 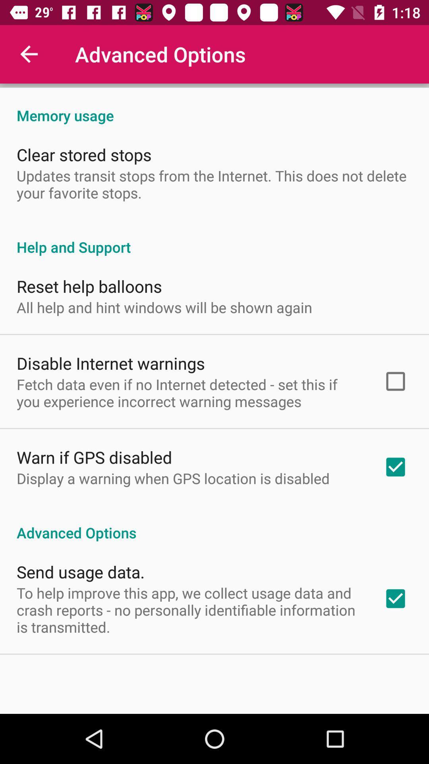 What do you see at coordinates (173, 478) in the screenshot?
I see `the icon below the warn if gps item` at bounding box center [173, 478].